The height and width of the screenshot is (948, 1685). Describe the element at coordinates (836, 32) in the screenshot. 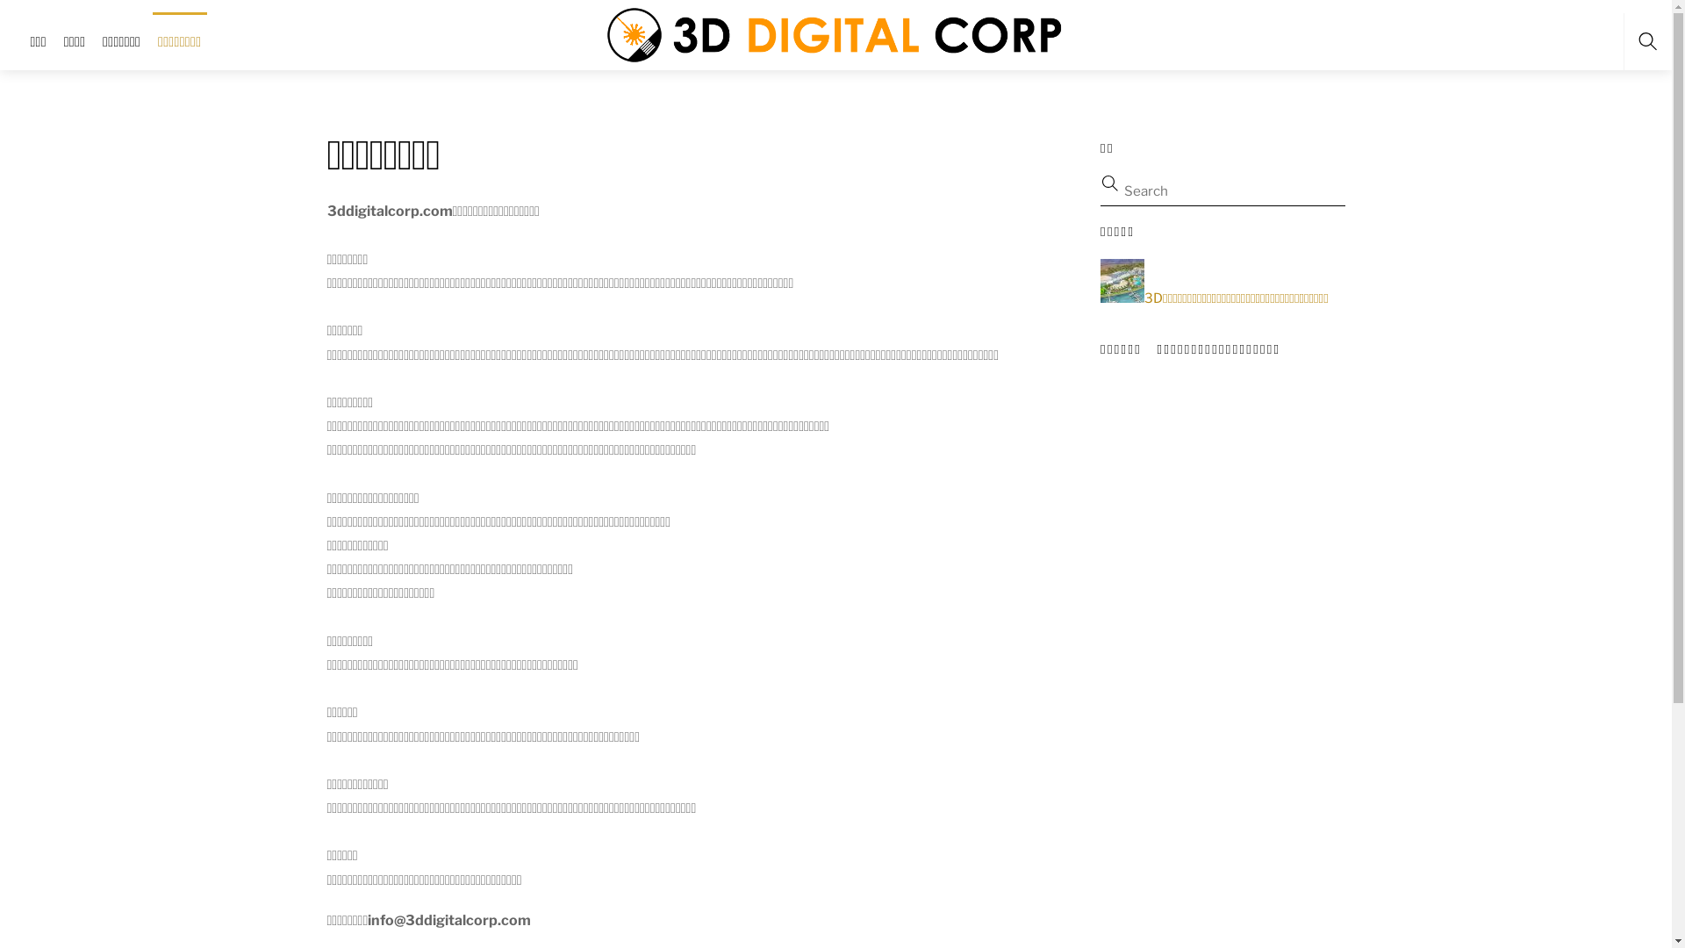

I see `'3D Digital  Corp'` at that location.